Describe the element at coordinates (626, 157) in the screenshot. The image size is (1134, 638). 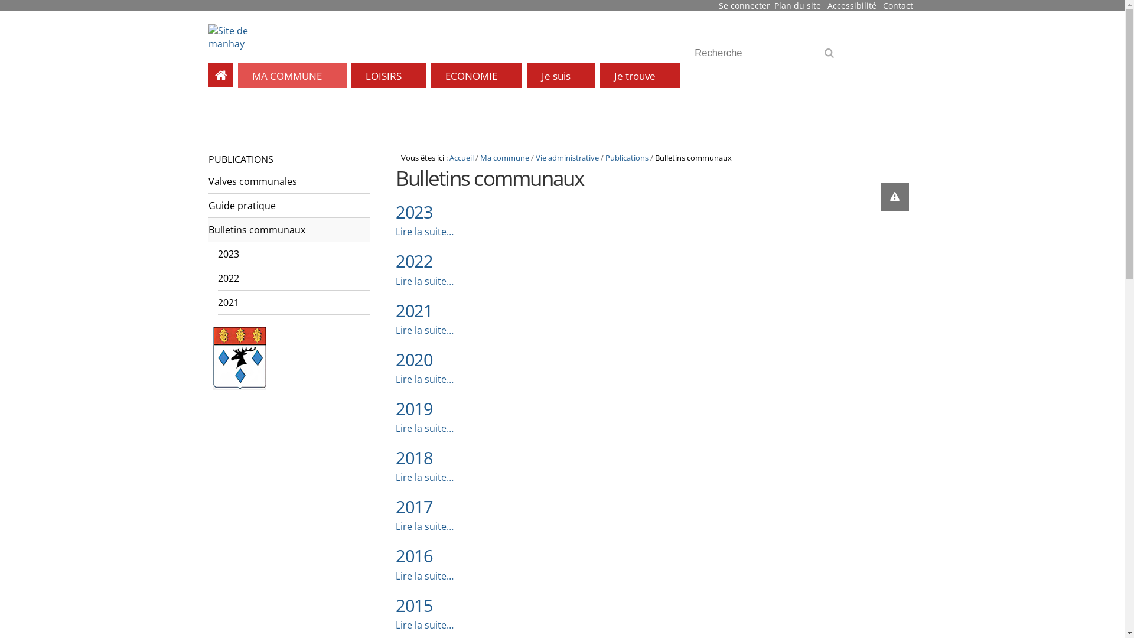
I see `'Publications'` at that location.